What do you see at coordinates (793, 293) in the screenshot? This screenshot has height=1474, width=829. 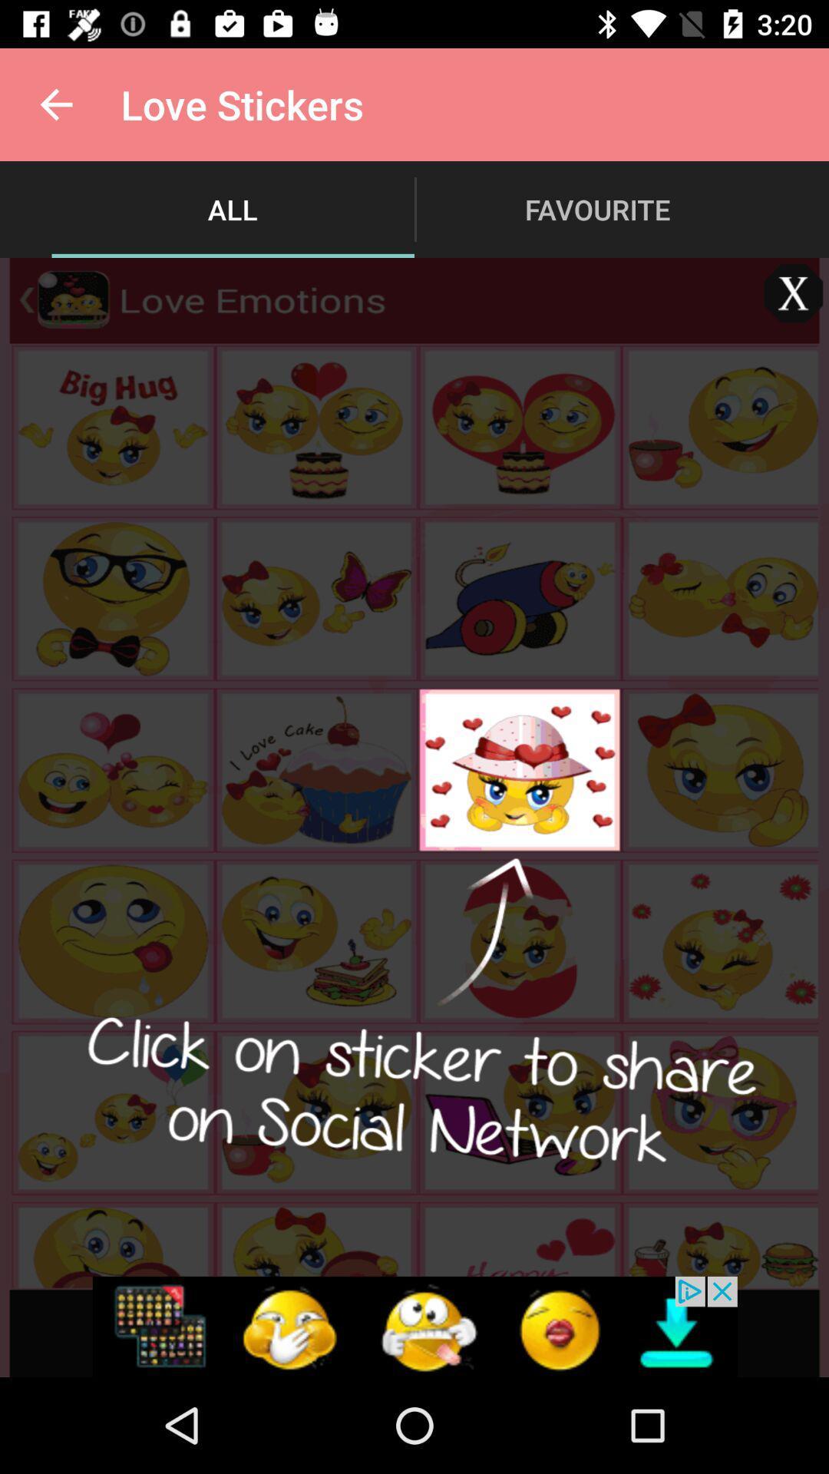 I see `close` at bounding box center [793, 293].